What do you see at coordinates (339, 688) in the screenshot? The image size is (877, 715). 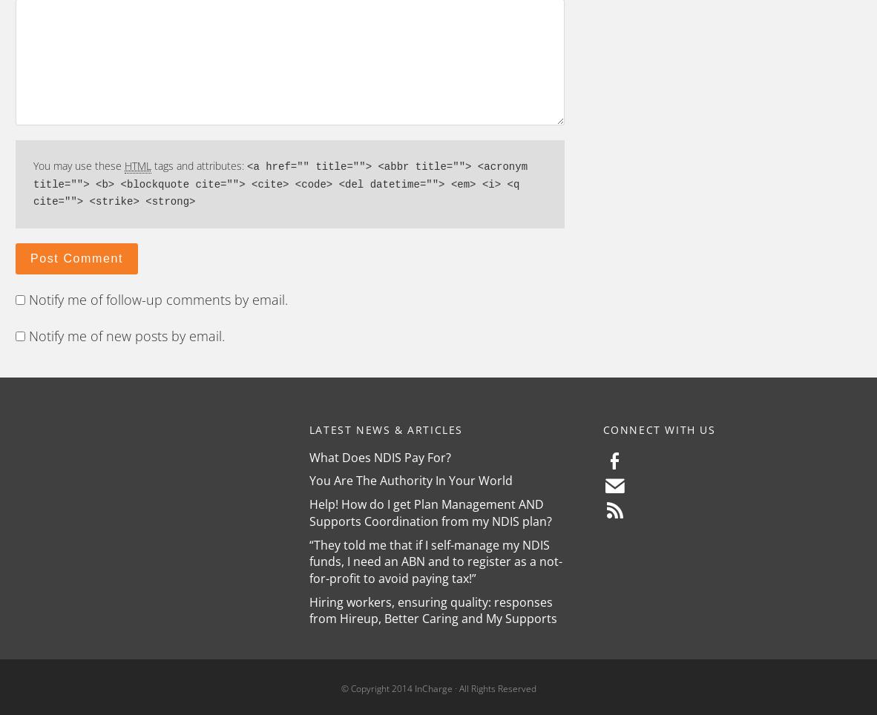 I see `'© Copyright 2014'` at bounding box center [339, 688].